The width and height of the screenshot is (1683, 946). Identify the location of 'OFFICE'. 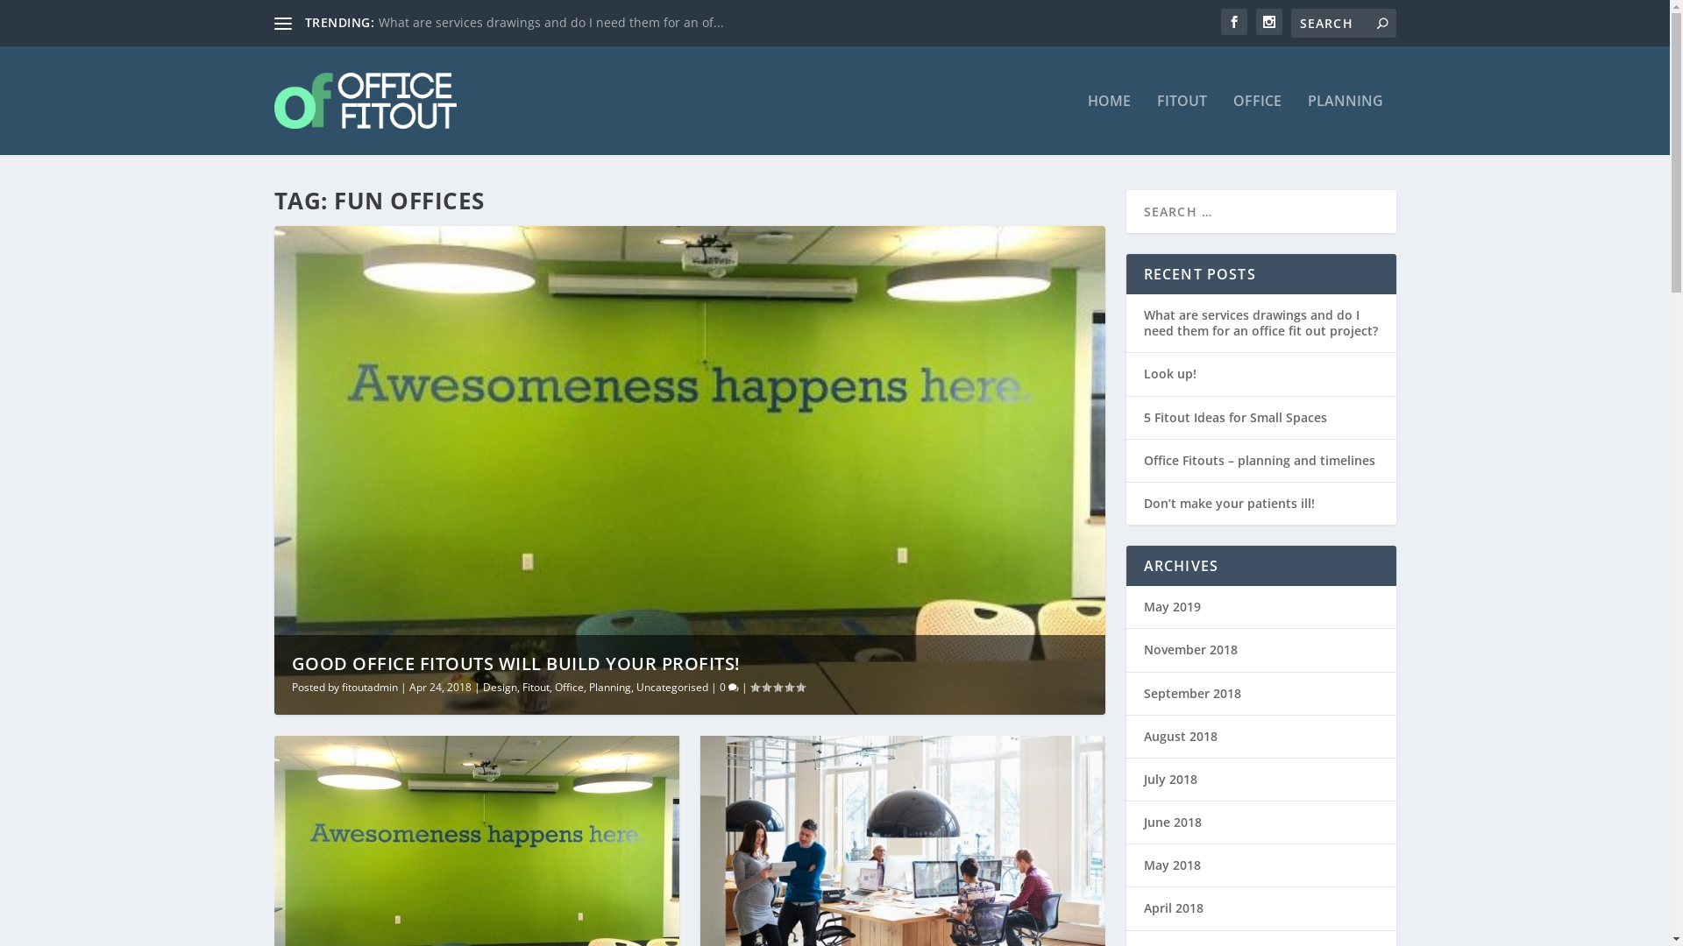
(1232, 124).